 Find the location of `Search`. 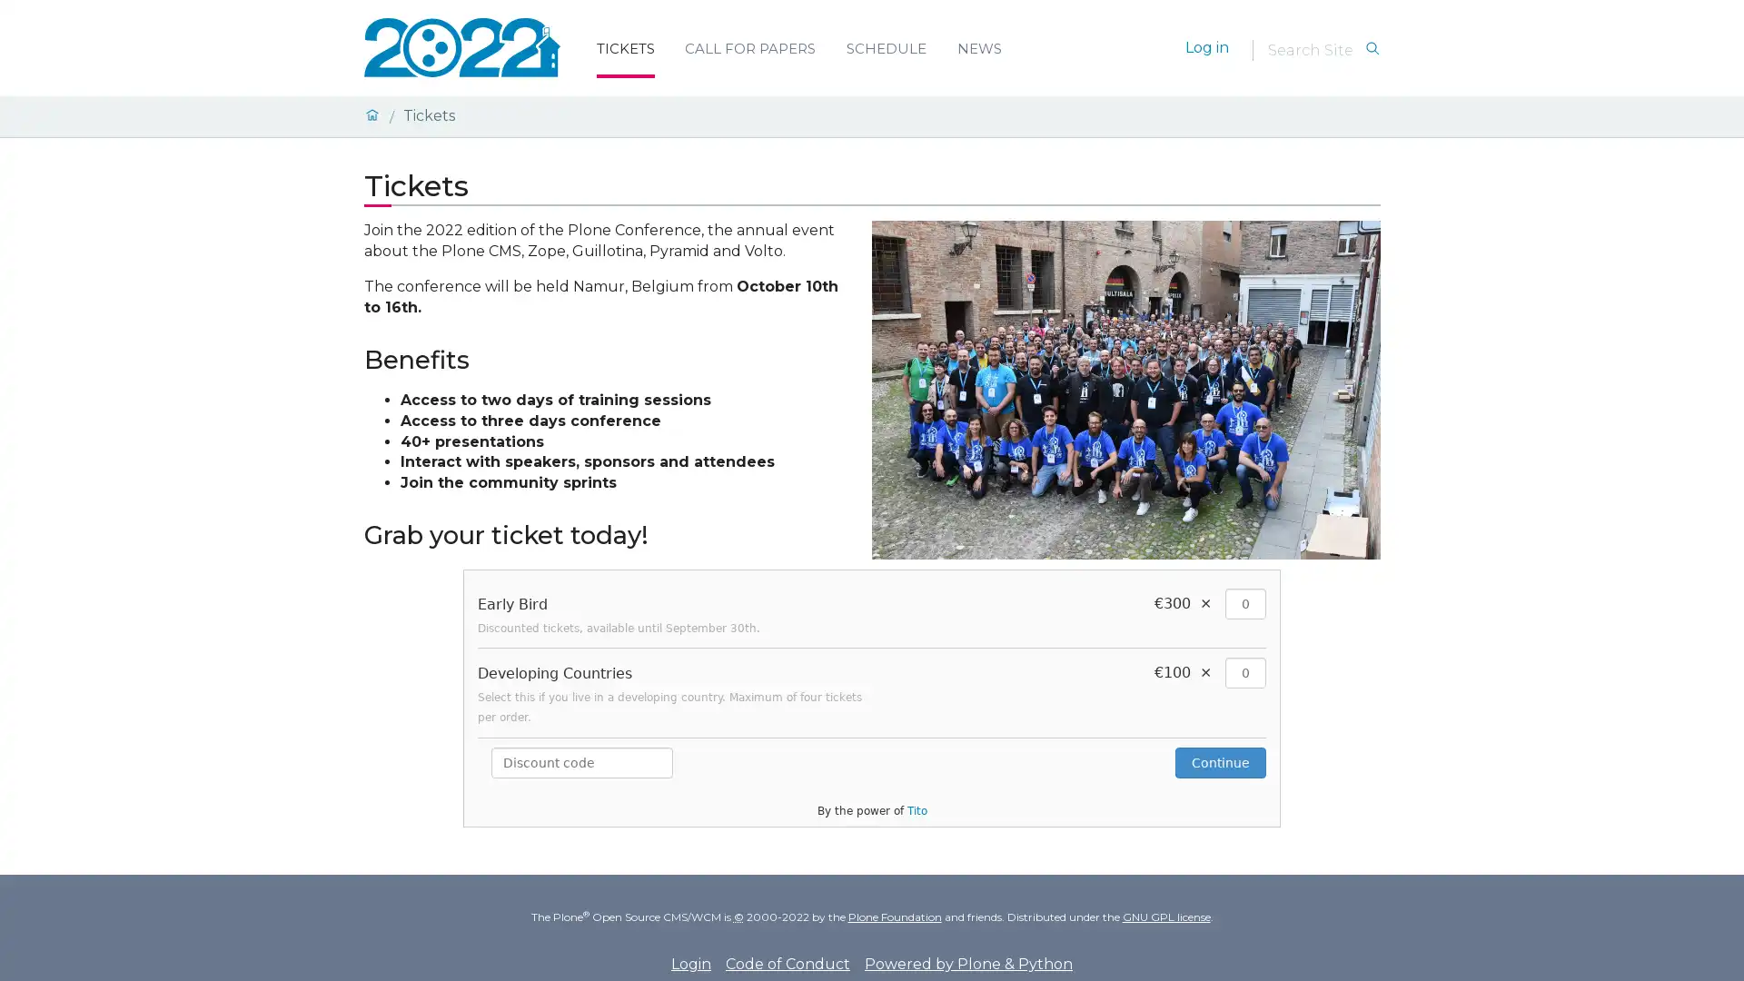

Search is located at coordinates (1372, 48).